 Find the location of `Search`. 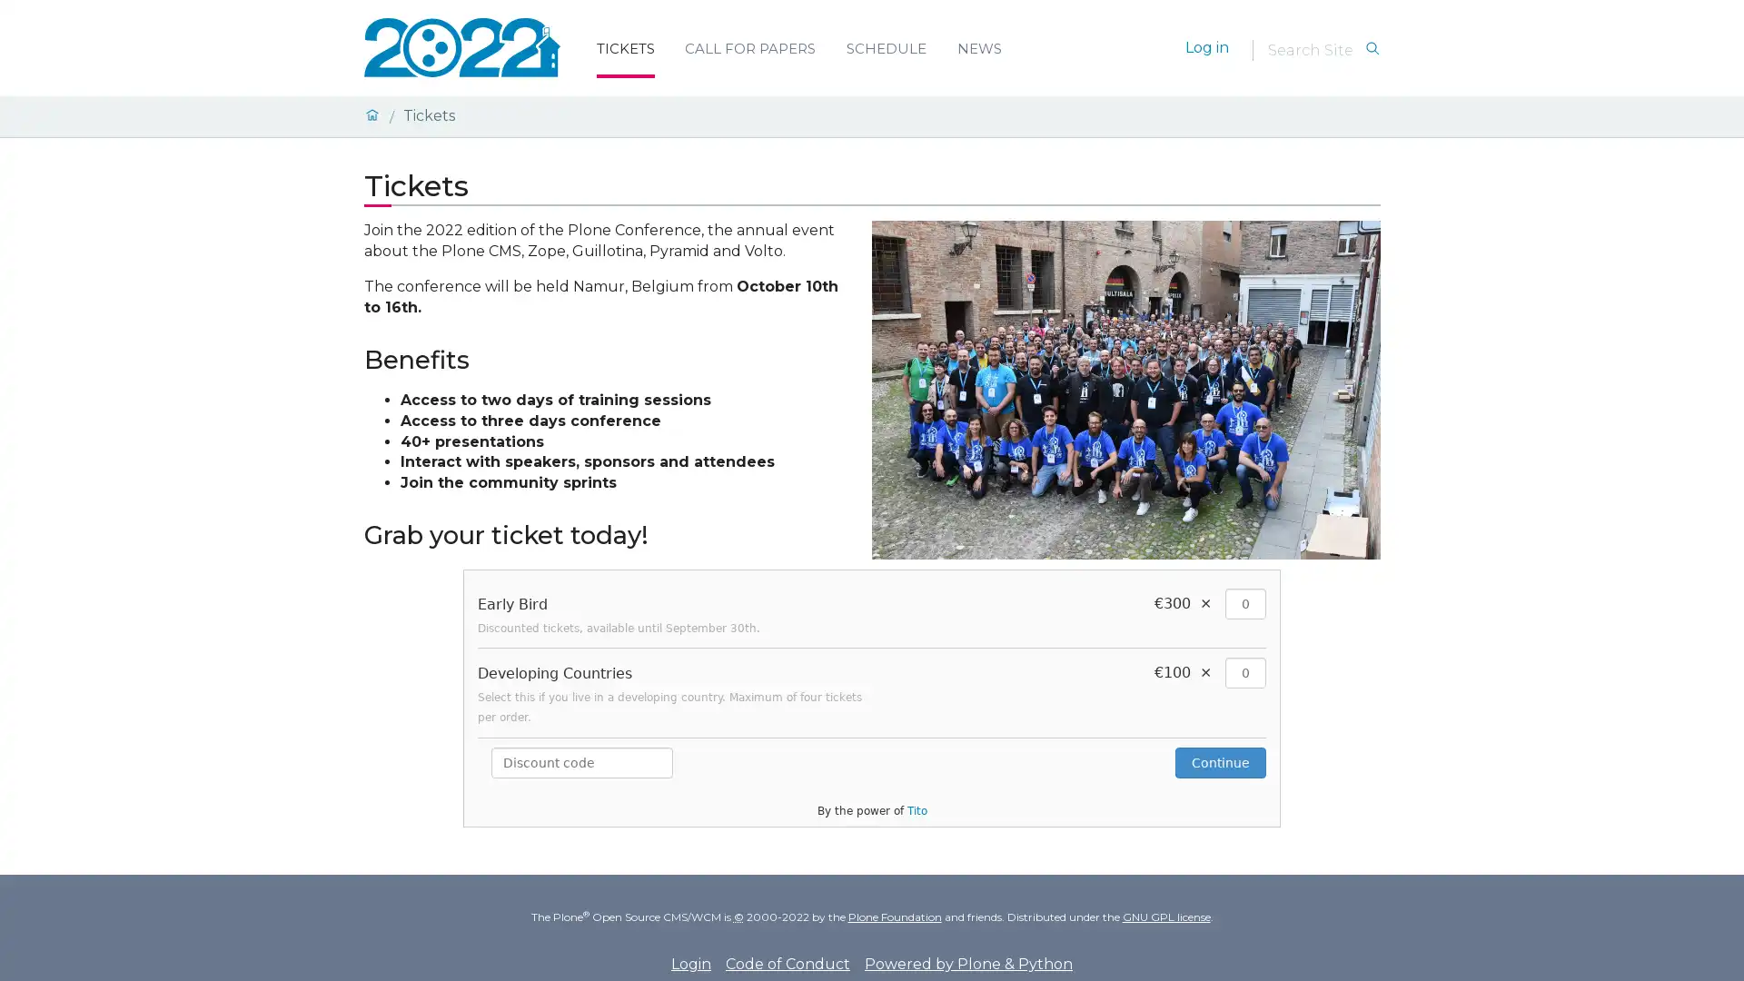

Search is located at coordinates (1372, 48).